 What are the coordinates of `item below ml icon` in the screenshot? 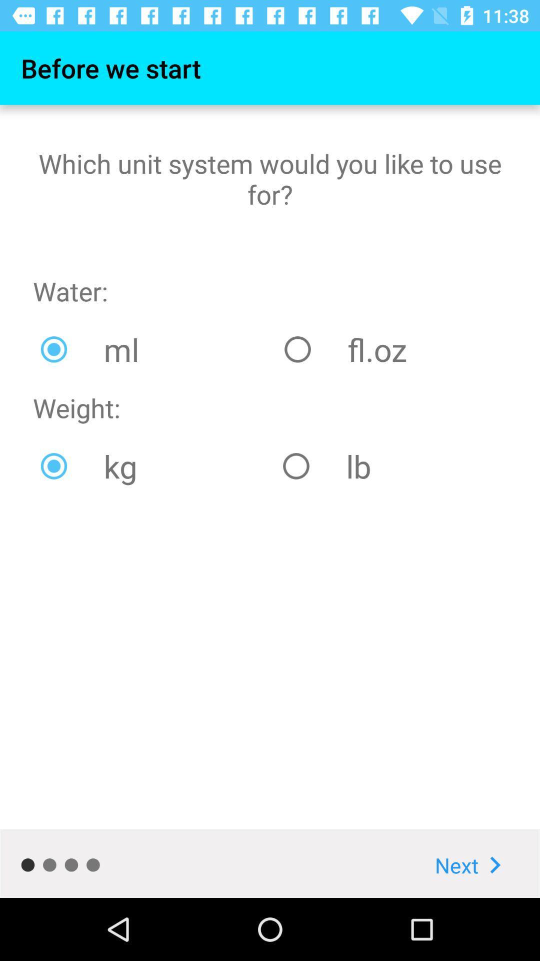 It's located at (390, 465).